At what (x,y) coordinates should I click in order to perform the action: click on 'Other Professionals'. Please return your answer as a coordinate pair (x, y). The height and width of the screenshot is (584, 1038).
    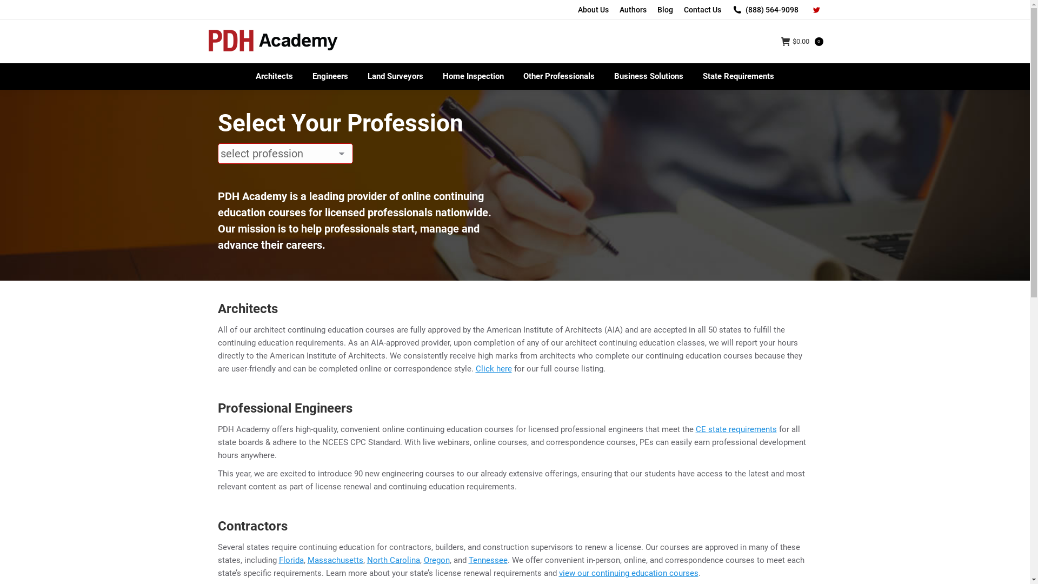
    Looking at the image, I should click on (558, 76).